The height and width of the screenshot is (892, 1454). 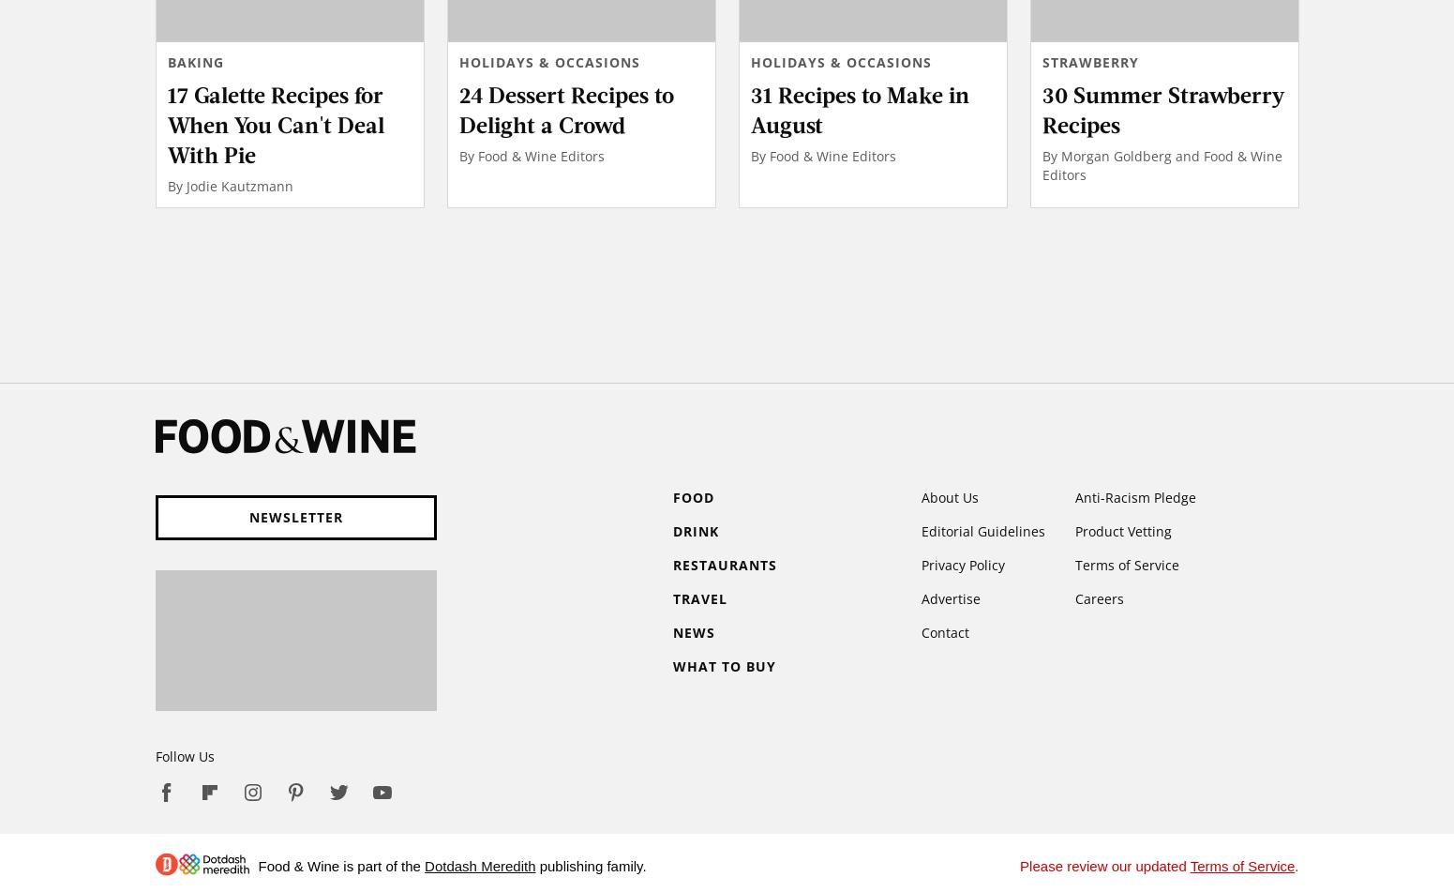 What do you see at coordinates (858, 109) in the screenshot?
I see `'31 Recipes to Make in August'` at bounding box center [858, 109].